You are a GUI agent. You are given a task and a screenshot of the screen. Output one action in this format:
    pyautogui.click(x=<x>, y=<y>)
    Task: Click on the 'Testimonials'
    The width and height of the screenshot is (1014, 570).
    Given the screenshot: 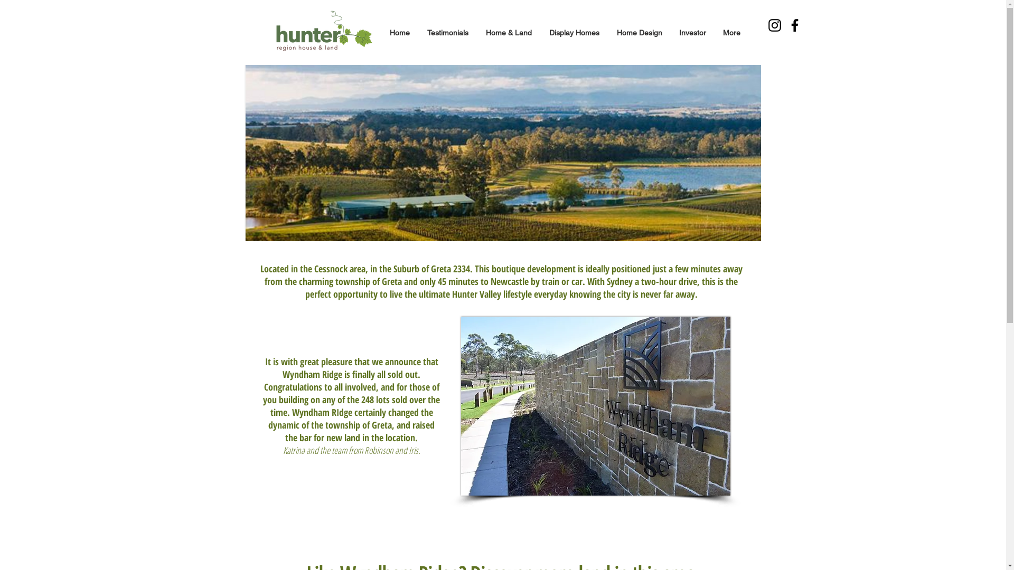 What is the action you would take?
    pyautogui.click(x=448, y=32)
    